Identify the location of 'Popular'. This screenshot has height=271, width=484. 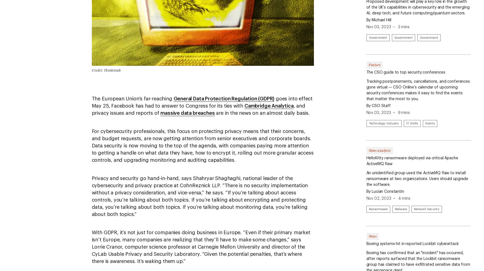
(13, 31).